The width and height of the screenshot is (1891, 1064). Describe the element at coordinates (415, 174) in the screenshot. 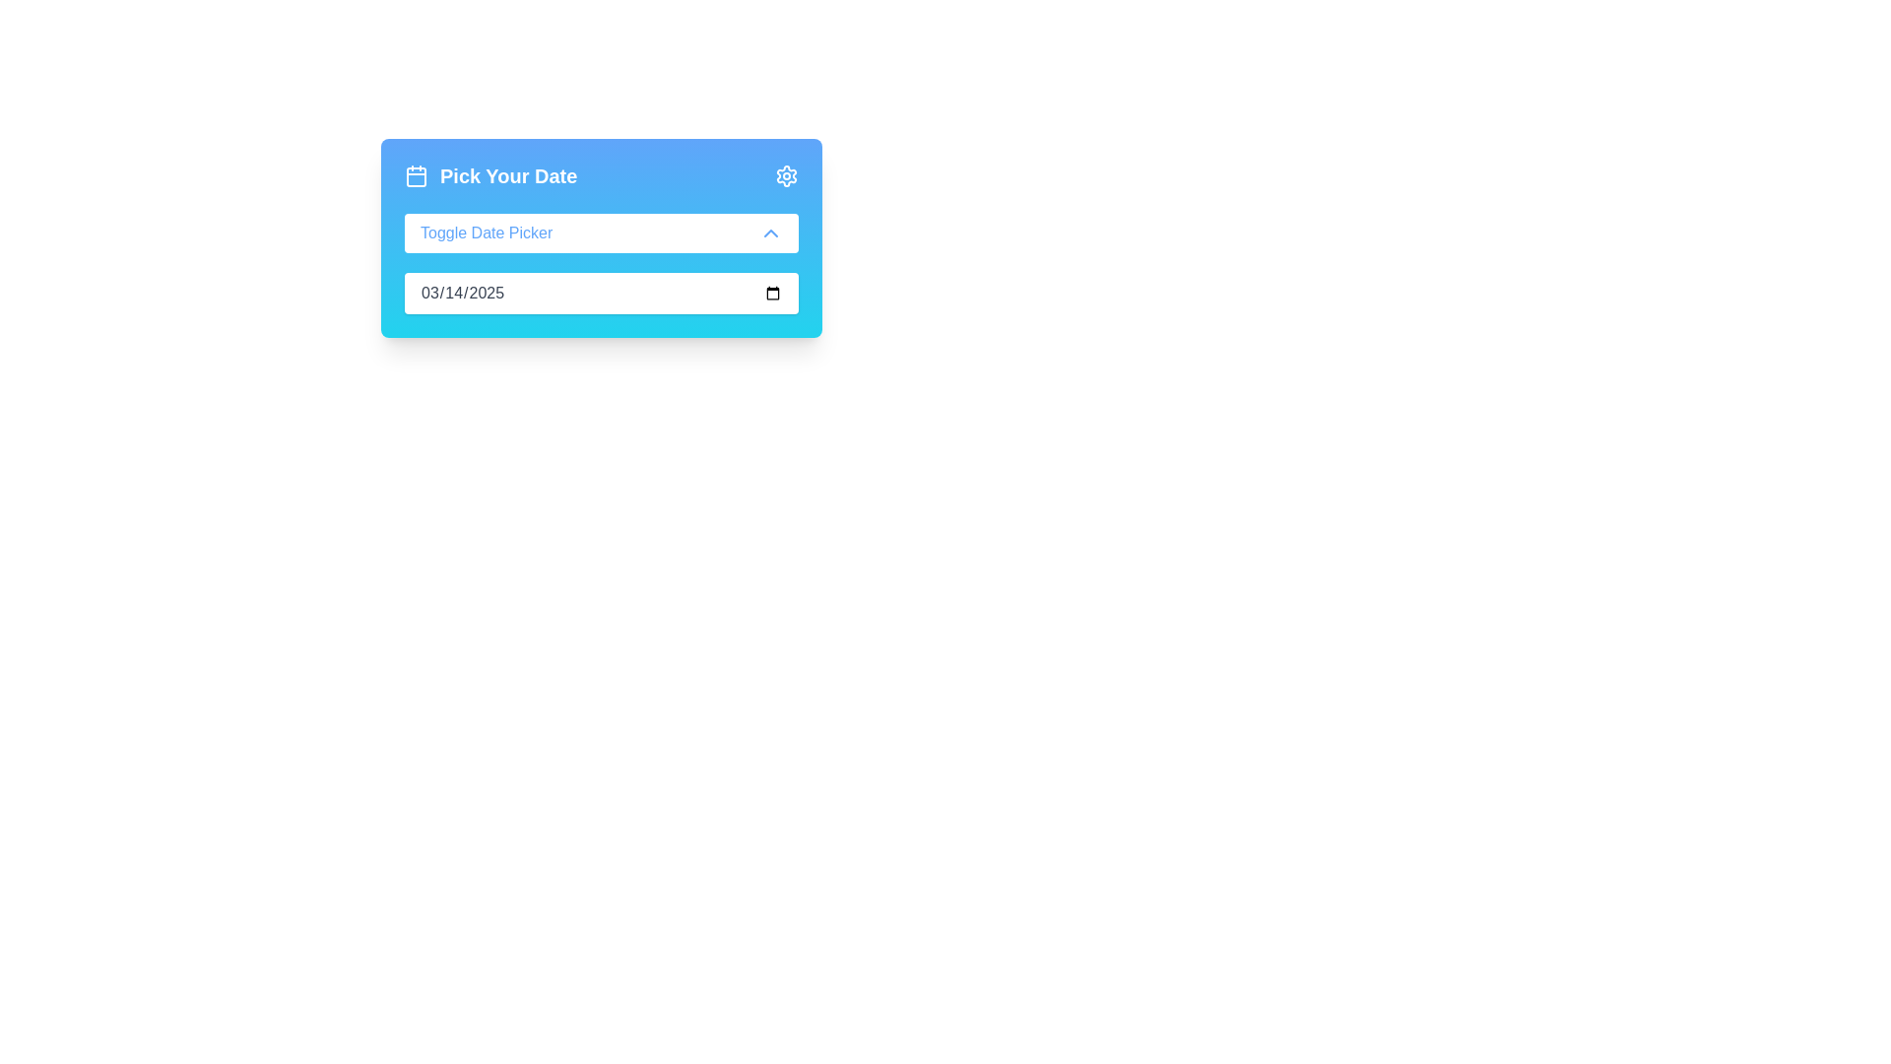

I see `the calendar icon located next to the text 'Pick Your Date', which serves as a visual cue for date-related functionalities` at that location.